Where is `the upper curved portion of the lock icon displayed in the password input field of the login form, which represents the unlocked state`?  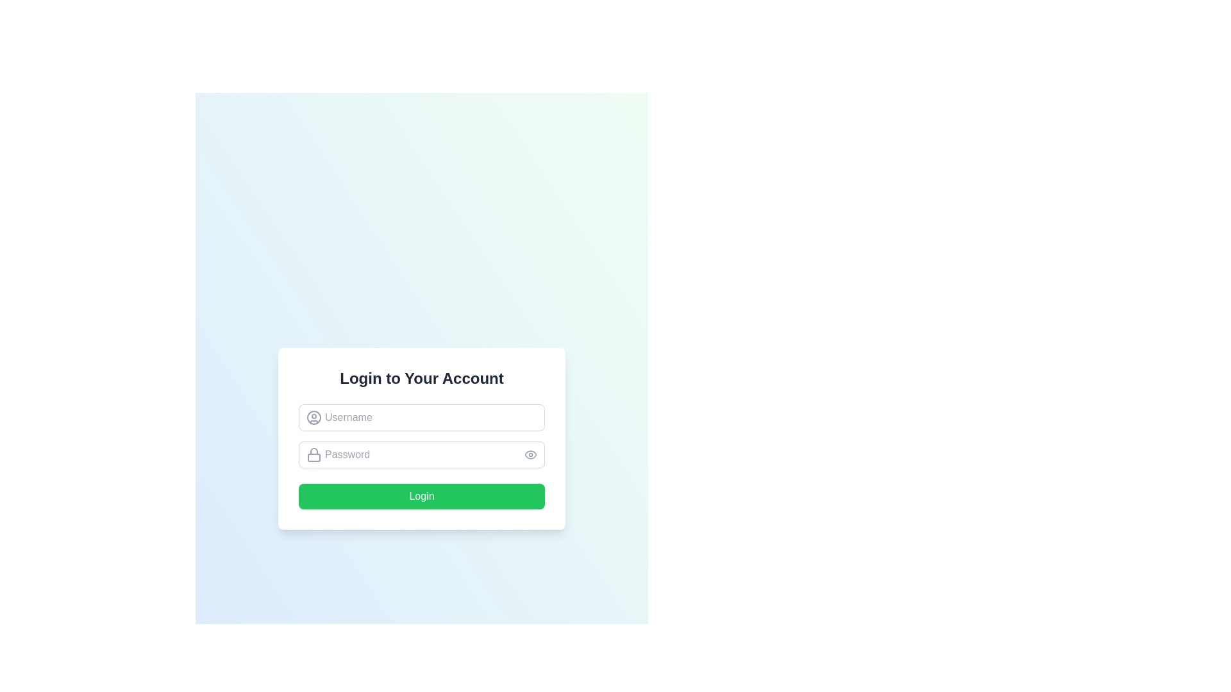 the upper curved portion of the lock icon displayed in the password input field of the login form, which represents the unlocked state is located at coordinates (314, 450).